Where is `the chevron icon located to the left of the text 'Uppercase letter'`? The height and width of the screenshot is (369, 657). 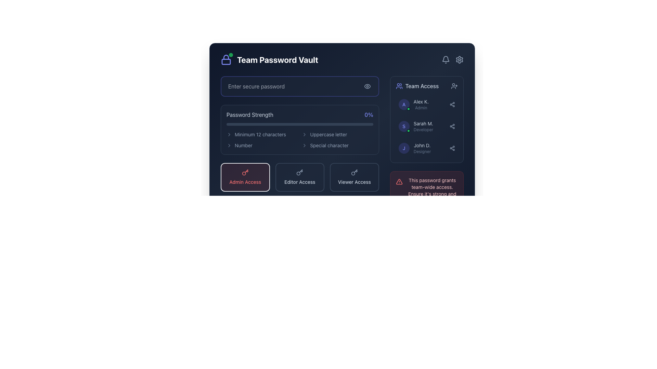 the chevron icon located to the left of the text 'Uppercase letter' is located at coordinates (304, 134).